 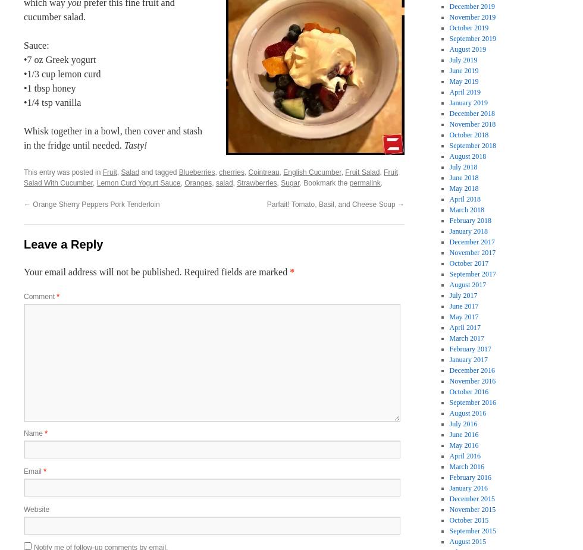 What do you see at coordinates (463, 177) in the screenshot?
I see `'June 2018'` at bounding box center [463, 177].